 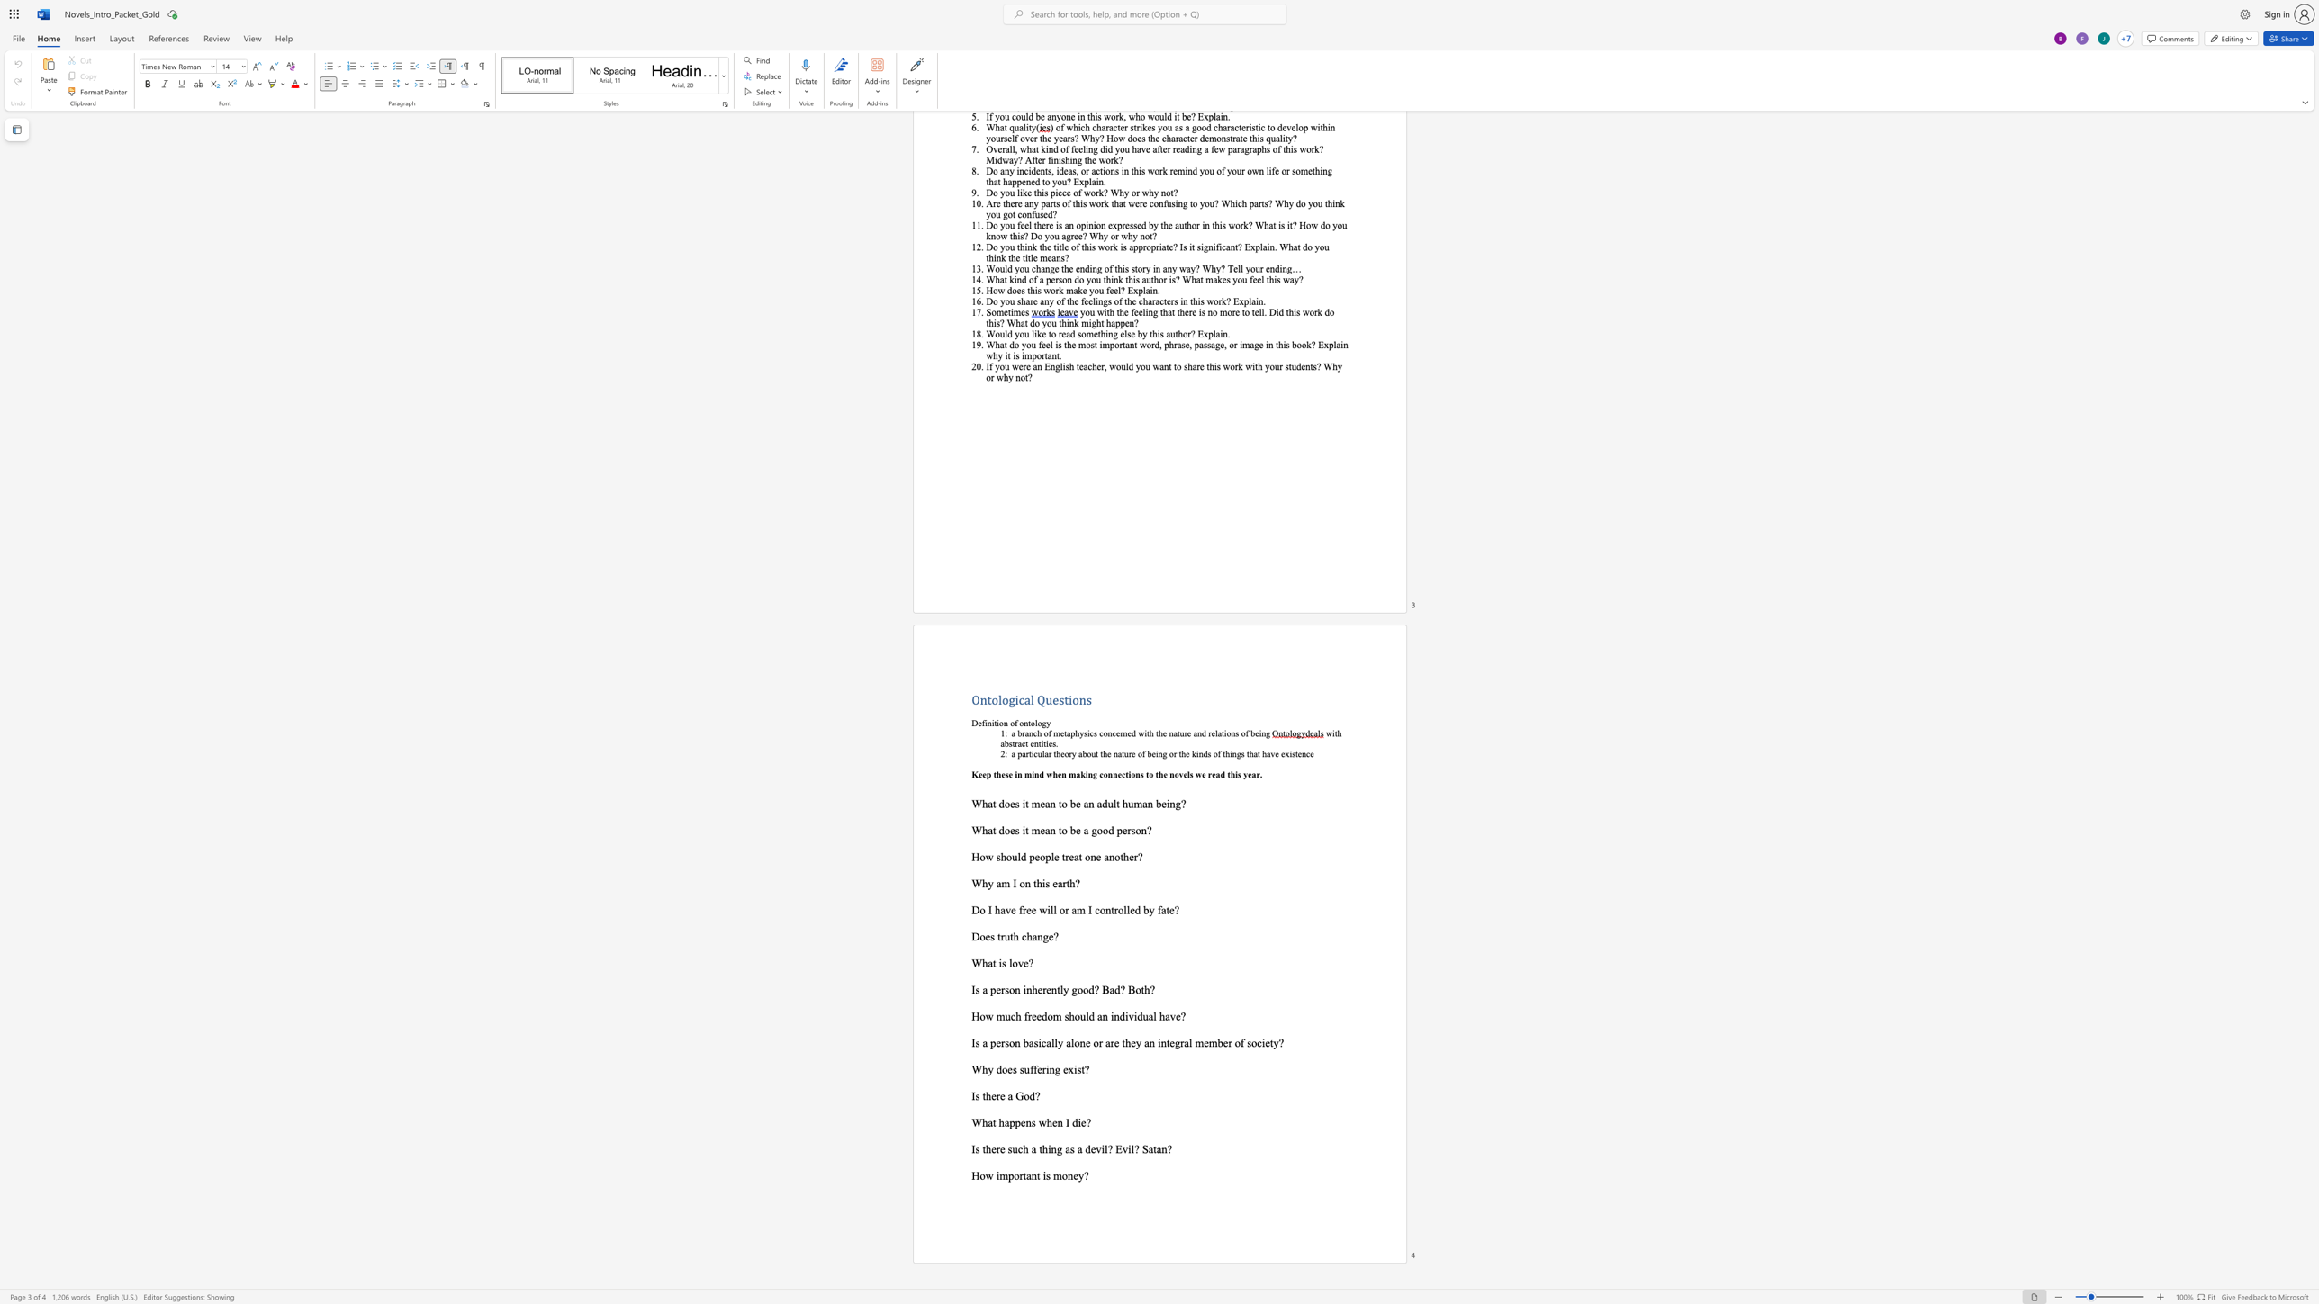 I want to click on the space between the continuous character "t" and "l" in the text, so click(x=1059, y=989).